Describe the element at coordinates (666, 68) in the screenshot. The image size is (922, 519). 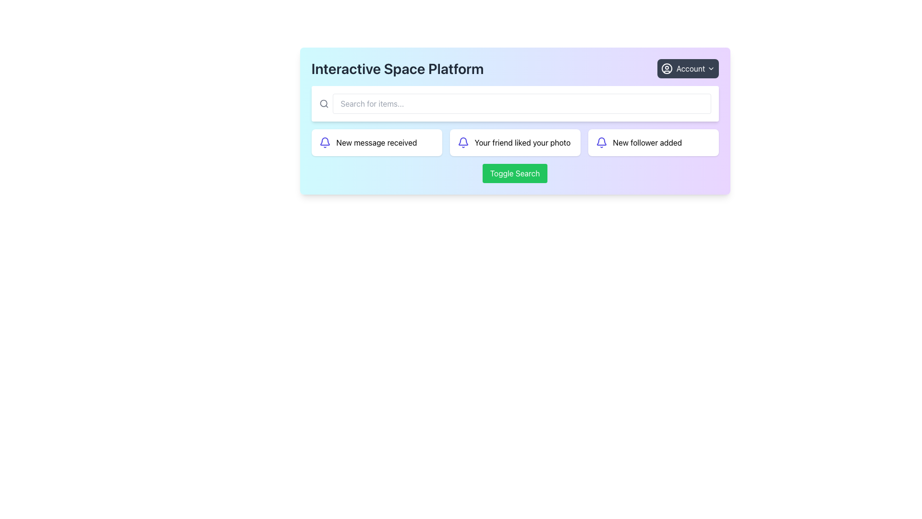
I see `the decorative SVG circle element representing a user profile icon in the 'Account' section at the top-right of the interface` at that location.